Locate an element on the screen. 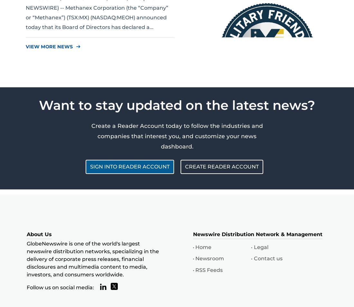 The image size is (354, 307). 'About Us' is located at coordinates (39, 234).